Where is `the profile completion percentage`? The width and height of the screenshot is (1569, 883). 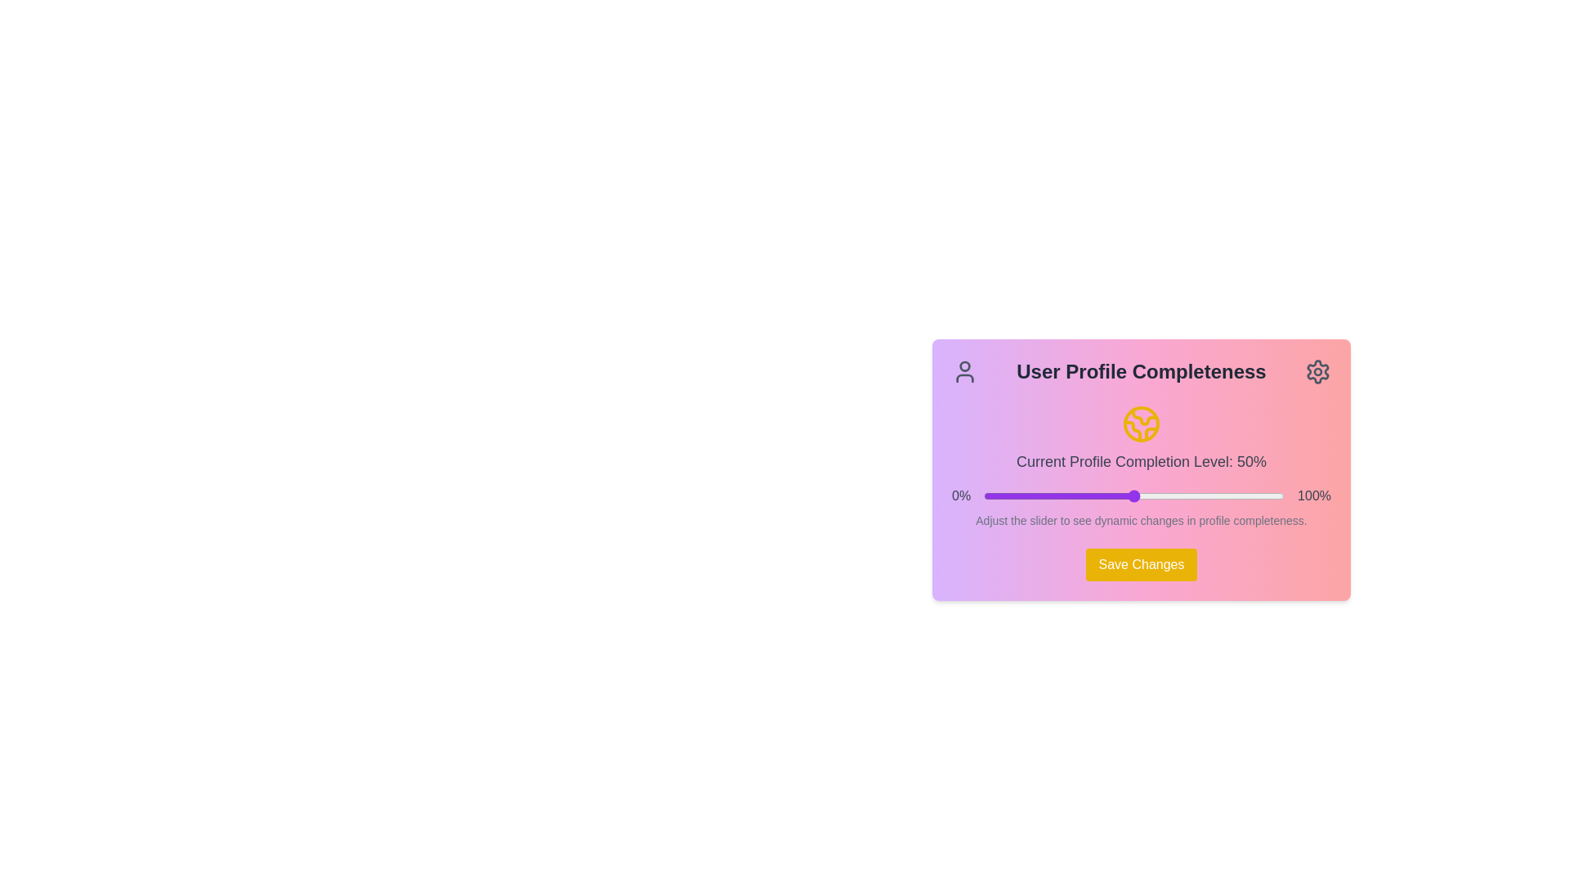
the profile completion percentage is located at coordinates (1148, 495).